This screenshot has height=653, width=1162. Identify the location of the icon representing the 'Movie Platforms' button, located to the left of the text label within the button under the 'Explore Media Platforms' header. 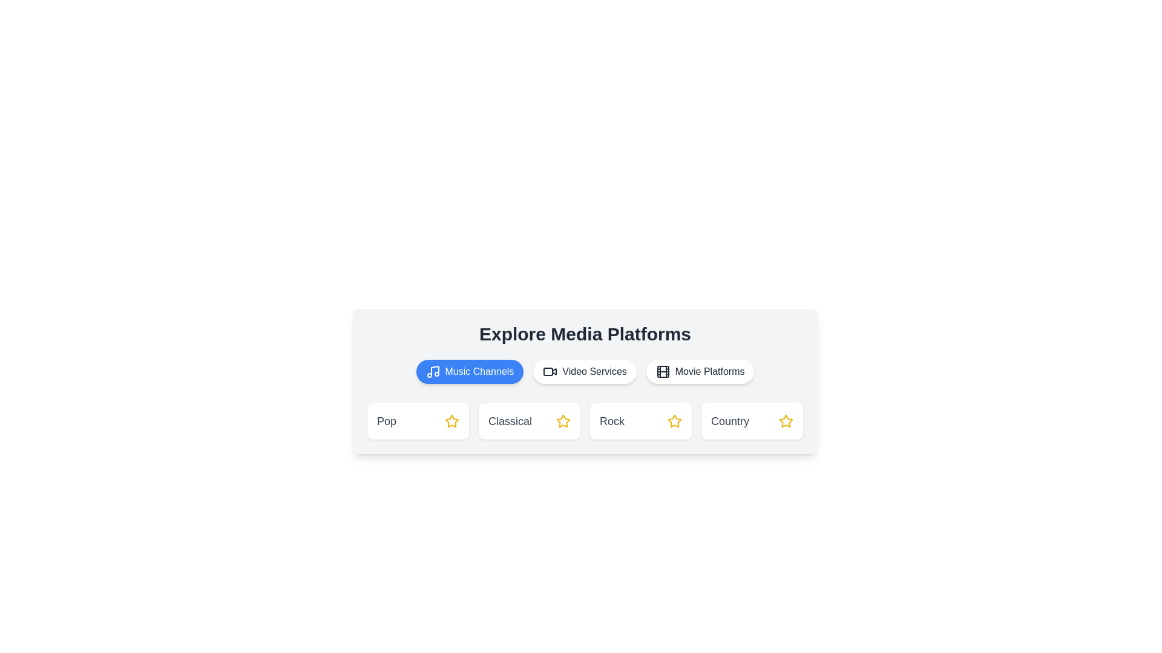
(662, 371).